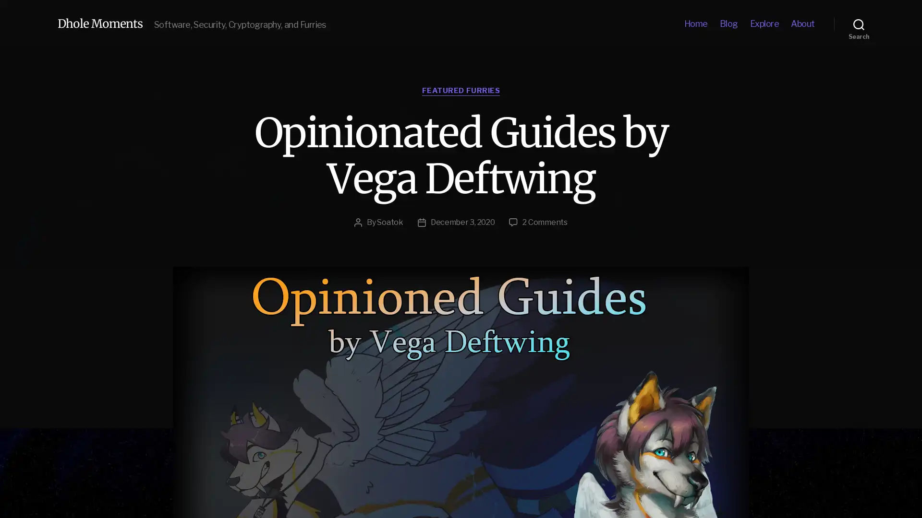  I want to click on Search, so click(859, 24).